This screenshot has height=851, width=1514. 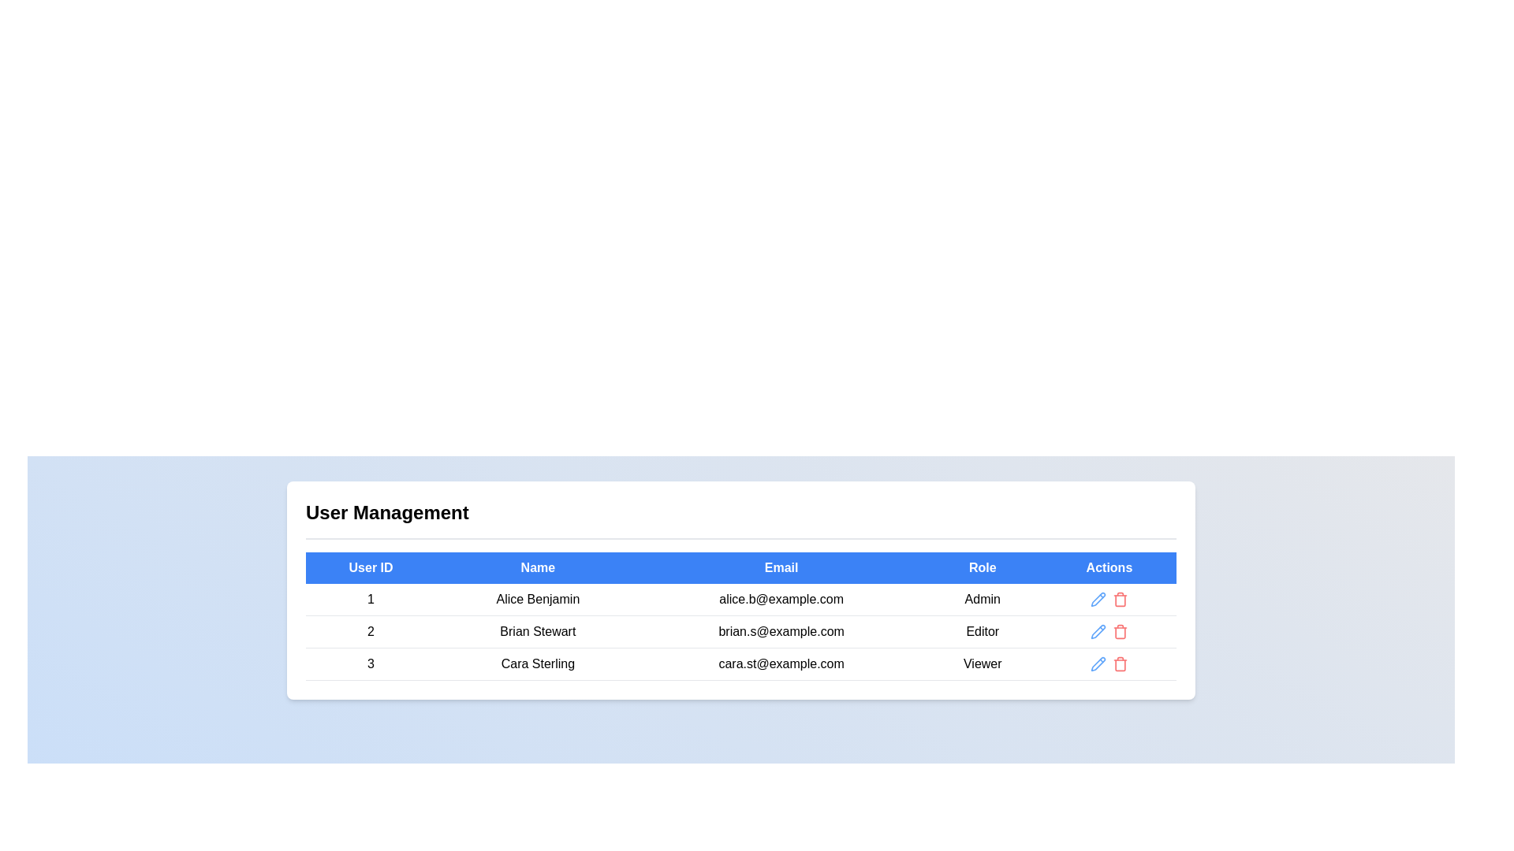 What do you see at coordinates (1119, 664) in the screenshot?
I see `the delete button located in the 'Actions' column of the last row in the 'User Management' table` at bounding box center [1119, 664].